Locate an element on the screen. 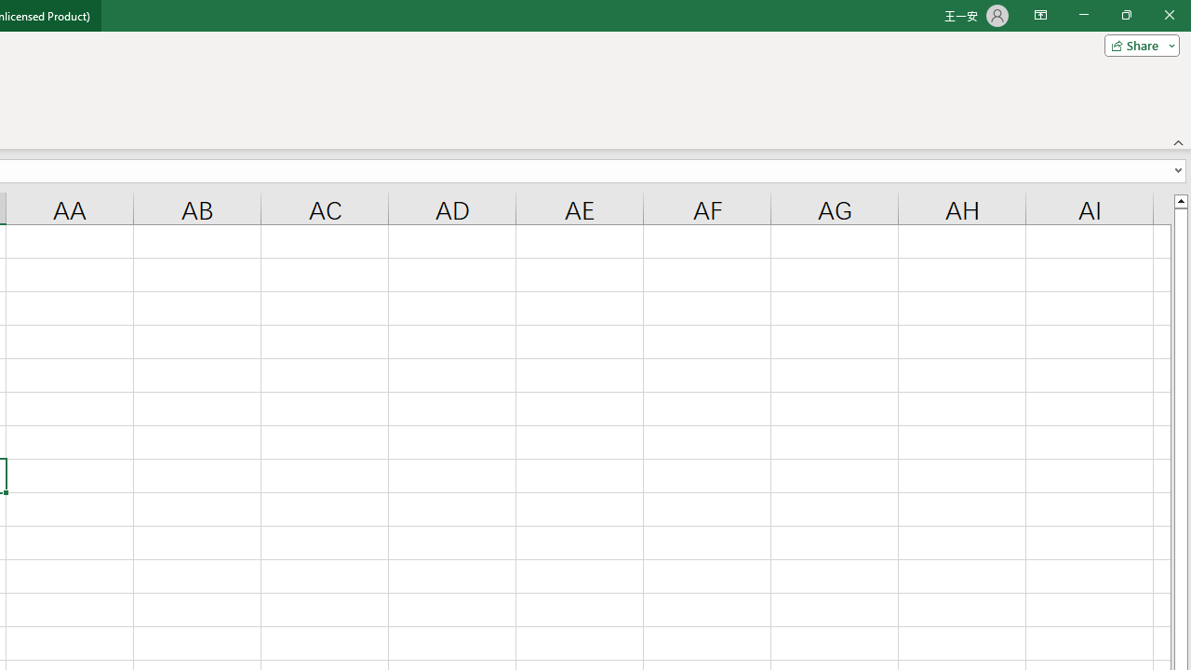 This screenshot has height=670, width=1191. 'Share' is located at coordinates (1137, 44).